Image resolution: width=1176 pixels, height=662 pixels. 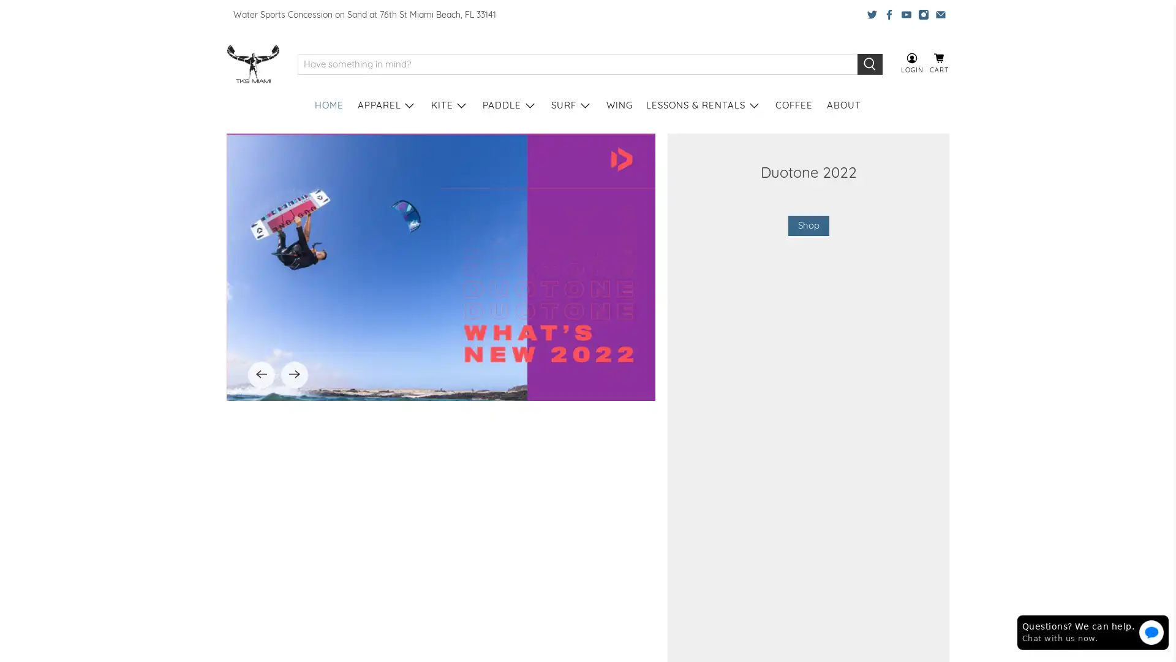 I want to click on Next, so click(x=294, y=536).